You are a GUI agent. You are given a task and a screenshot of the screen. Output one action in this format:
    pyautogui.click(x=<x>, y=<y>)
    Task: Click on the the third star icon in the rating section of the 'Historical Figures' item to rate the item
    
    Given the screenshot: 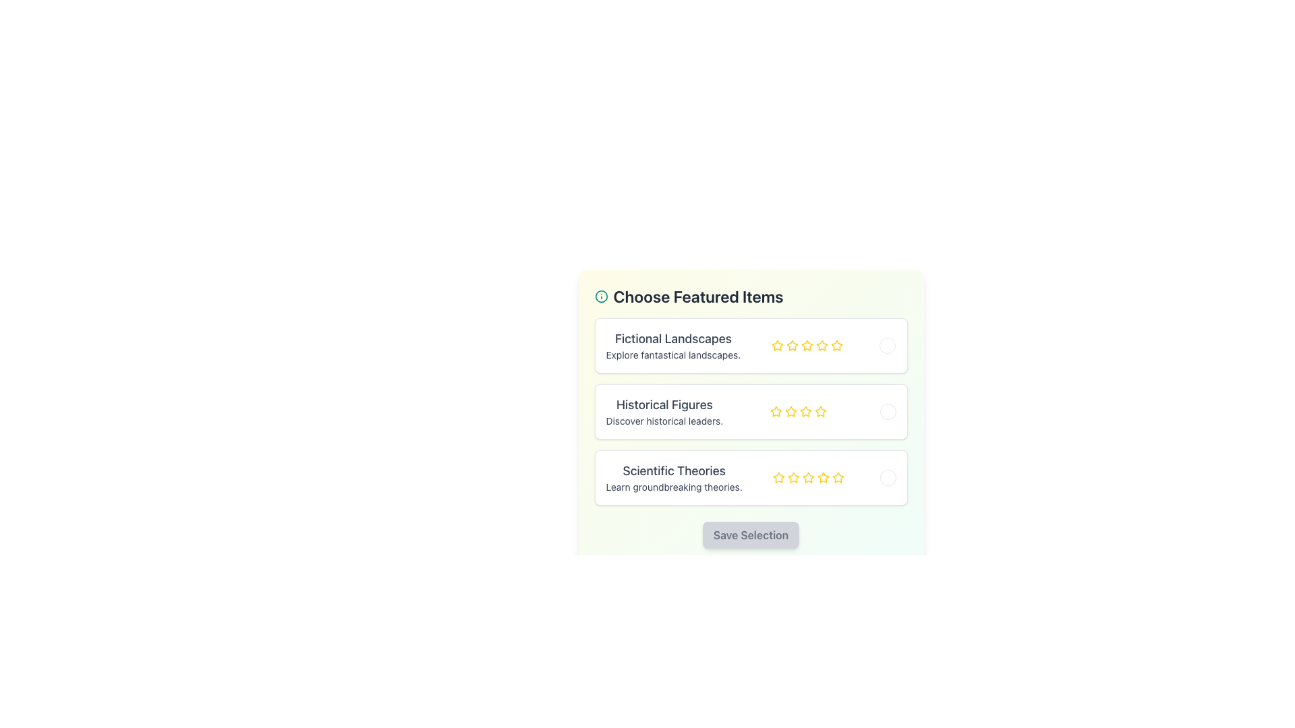 What is the action you would take?
    pyautogui.click(x=806, y=411)
    